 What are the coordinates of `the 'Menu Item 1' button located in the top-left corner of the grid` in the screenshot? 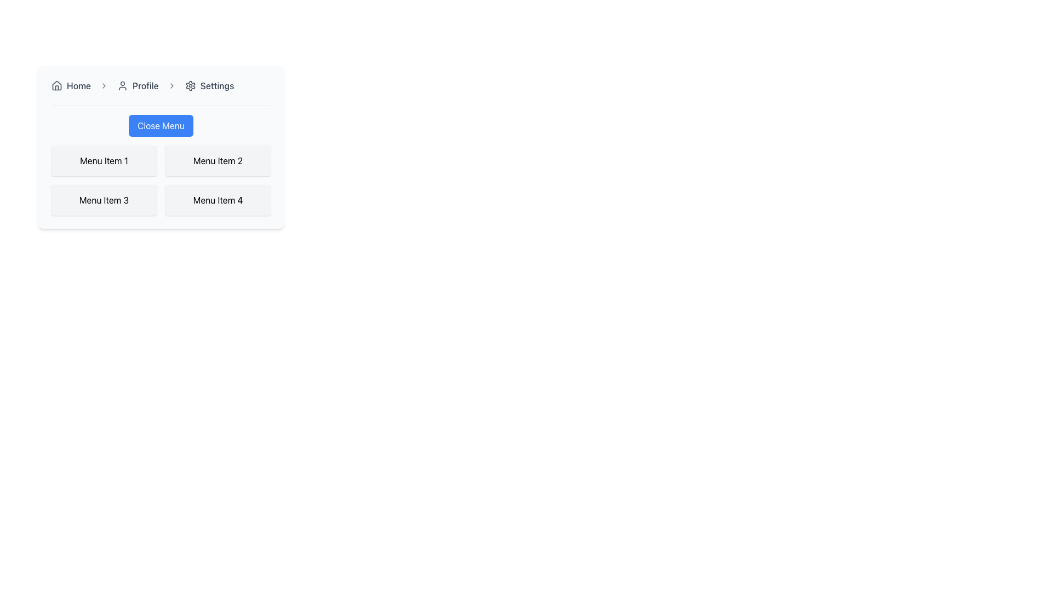 It's located at (104, 160).